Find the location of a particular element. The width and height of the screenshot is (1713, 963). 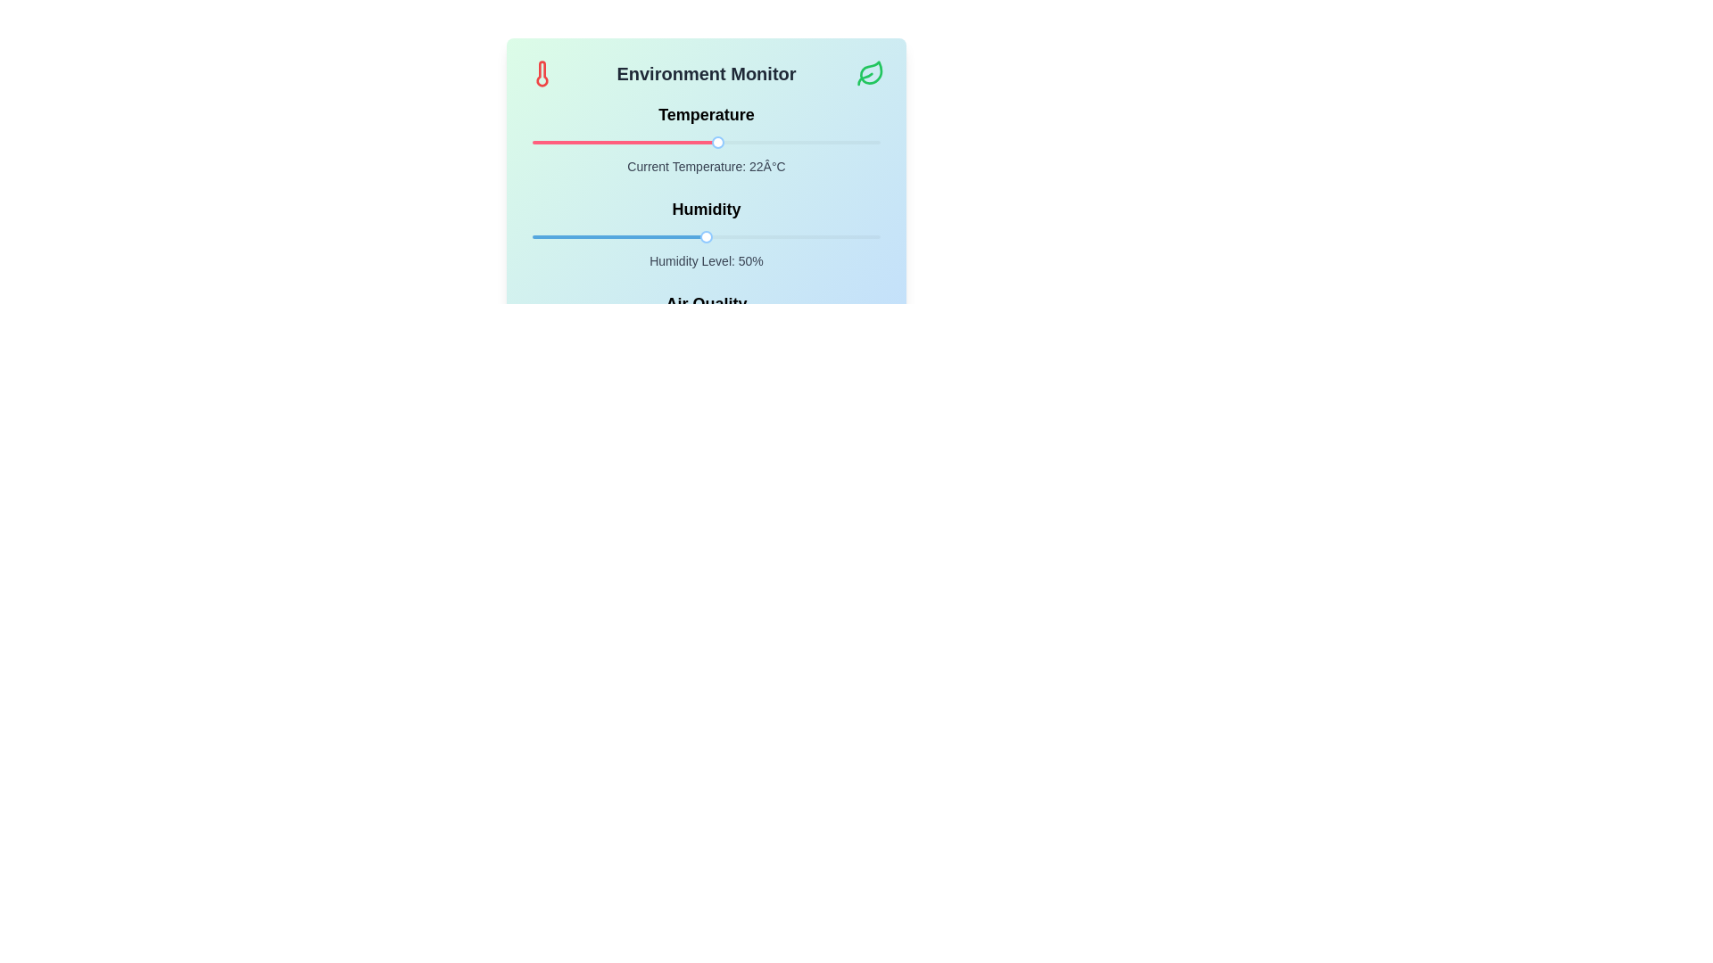

humidity is located at coordinates (633, 236).